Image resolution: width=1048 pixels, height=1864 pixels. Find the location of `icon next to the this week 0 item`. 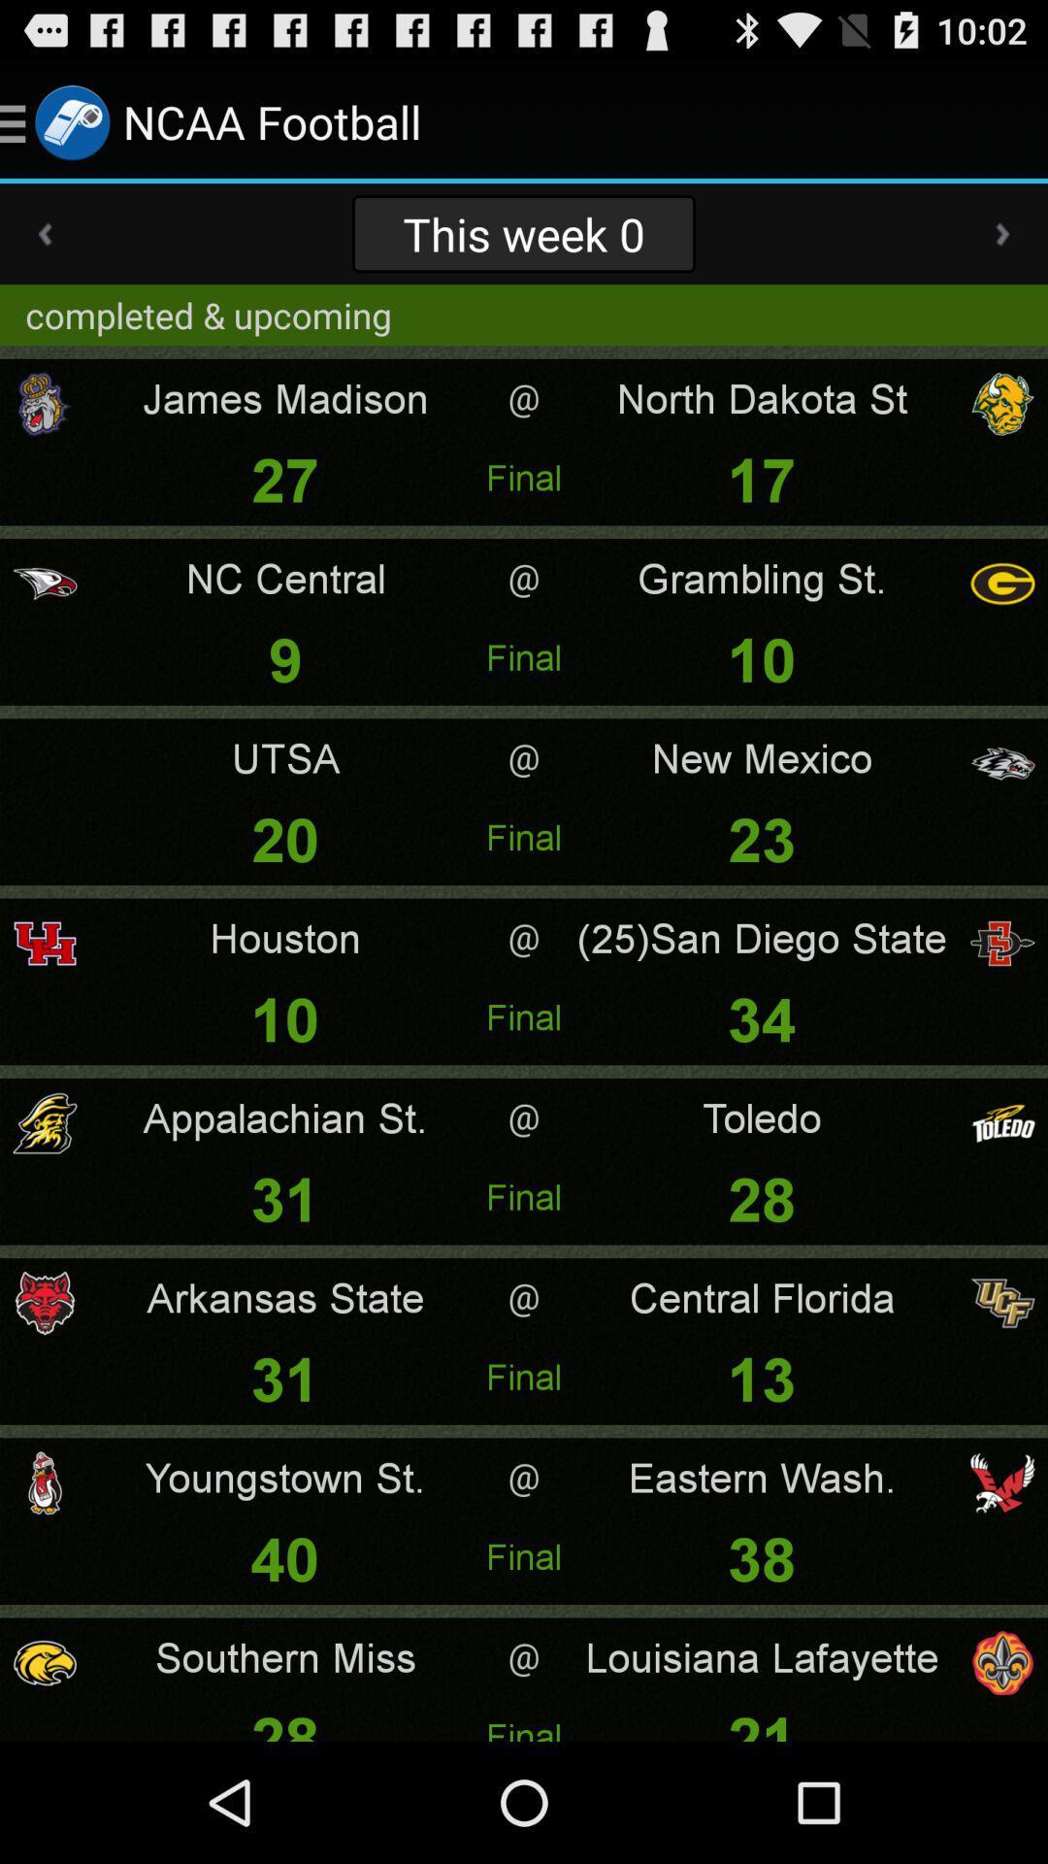

icon next to the this week 0 item is located at coordinates (1002, 233).